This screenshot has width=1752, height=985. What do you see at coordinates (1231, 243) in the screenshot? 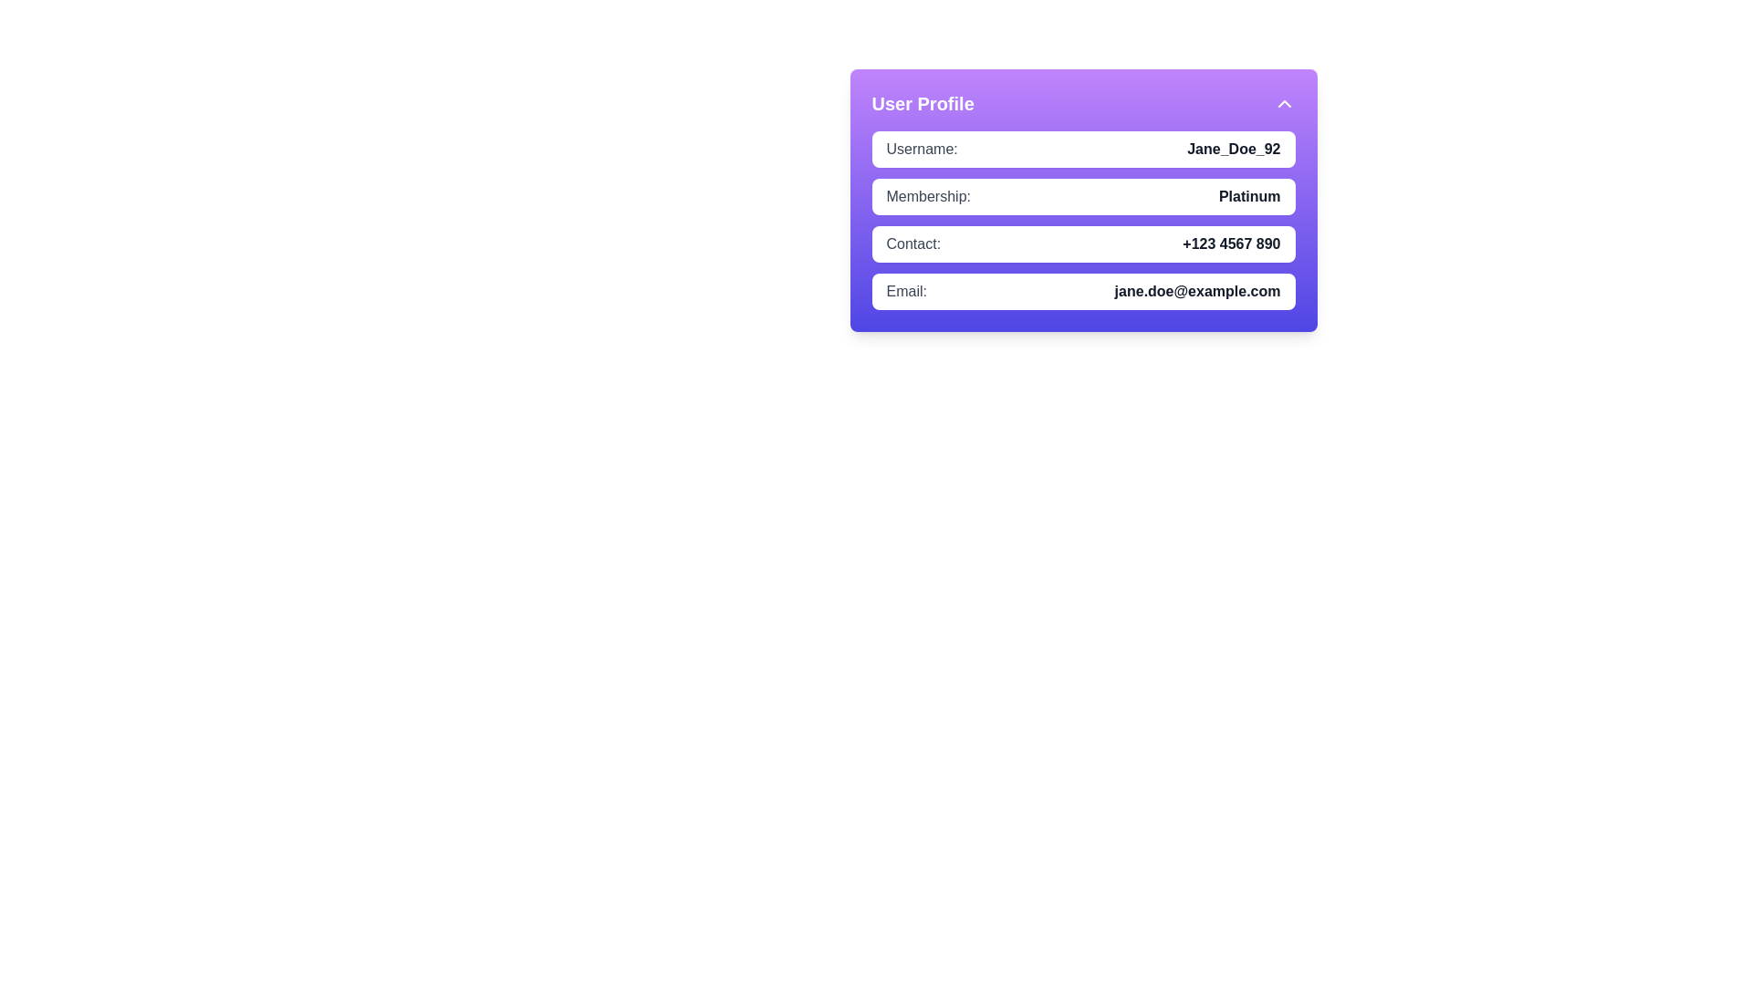
I see `the user's contact number displayed in the third row of the user profile card, which is located immediately to the right of the 'Contact:' label` at bounding box center [1231, 243].